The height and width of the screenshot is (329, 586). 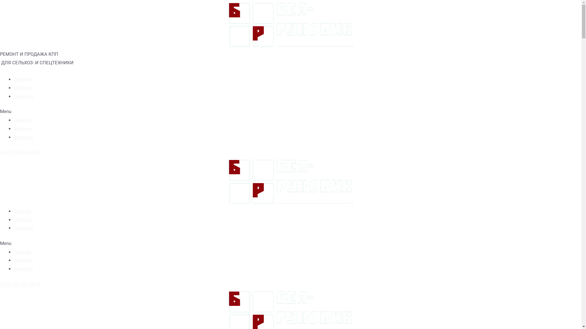 I want to click on '+375 (29) 357-25-74', so click(x=0, y=152).